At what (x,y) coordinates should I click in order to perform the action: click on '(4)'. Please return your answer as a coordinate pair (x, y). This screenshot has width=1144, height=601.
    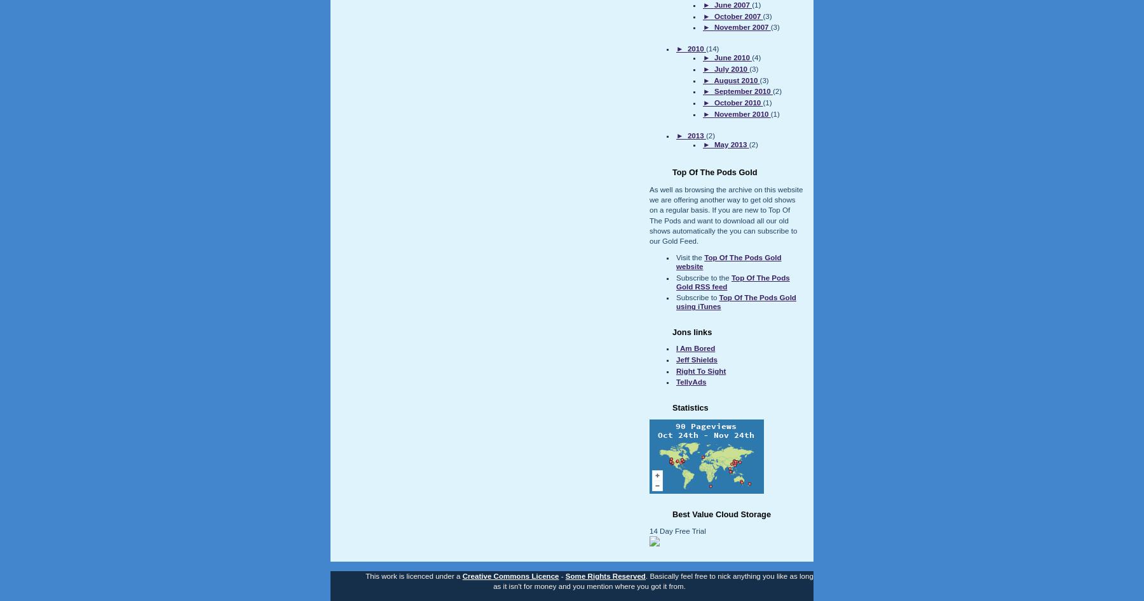
    Looking at the image, I should click on (755, 56).